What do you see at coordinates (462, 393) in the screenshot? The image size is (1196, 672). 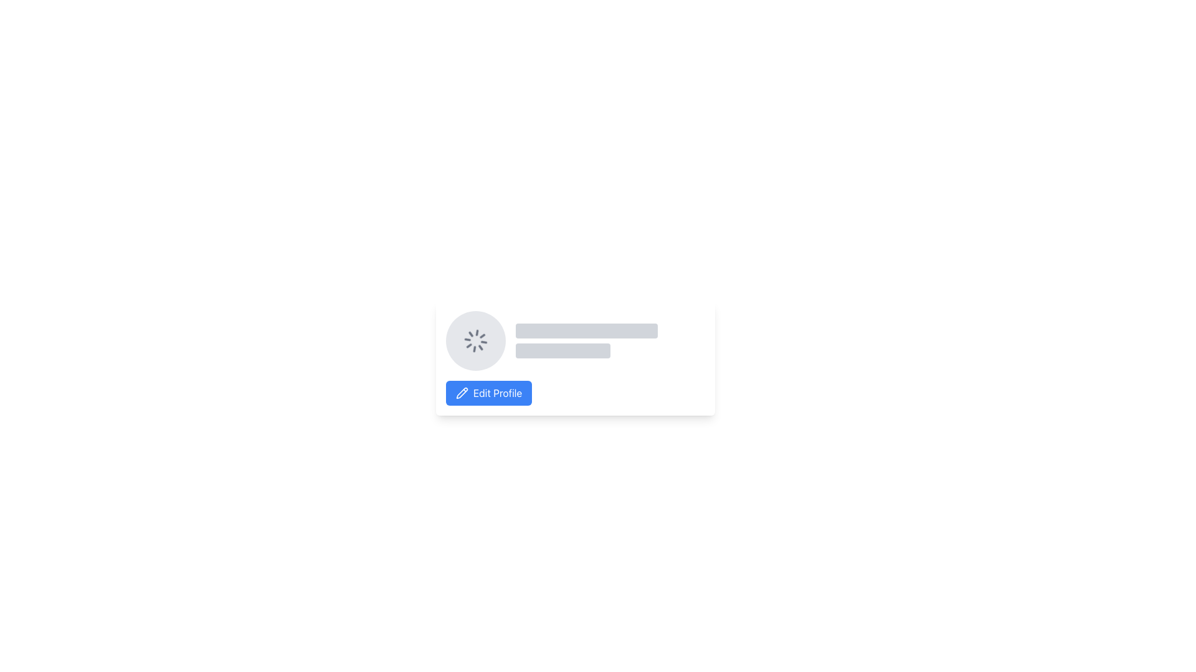 I see `the pencil icon with a blue background, located to the left of the 'Edit Profile' text` at bounding box center [462, 393].